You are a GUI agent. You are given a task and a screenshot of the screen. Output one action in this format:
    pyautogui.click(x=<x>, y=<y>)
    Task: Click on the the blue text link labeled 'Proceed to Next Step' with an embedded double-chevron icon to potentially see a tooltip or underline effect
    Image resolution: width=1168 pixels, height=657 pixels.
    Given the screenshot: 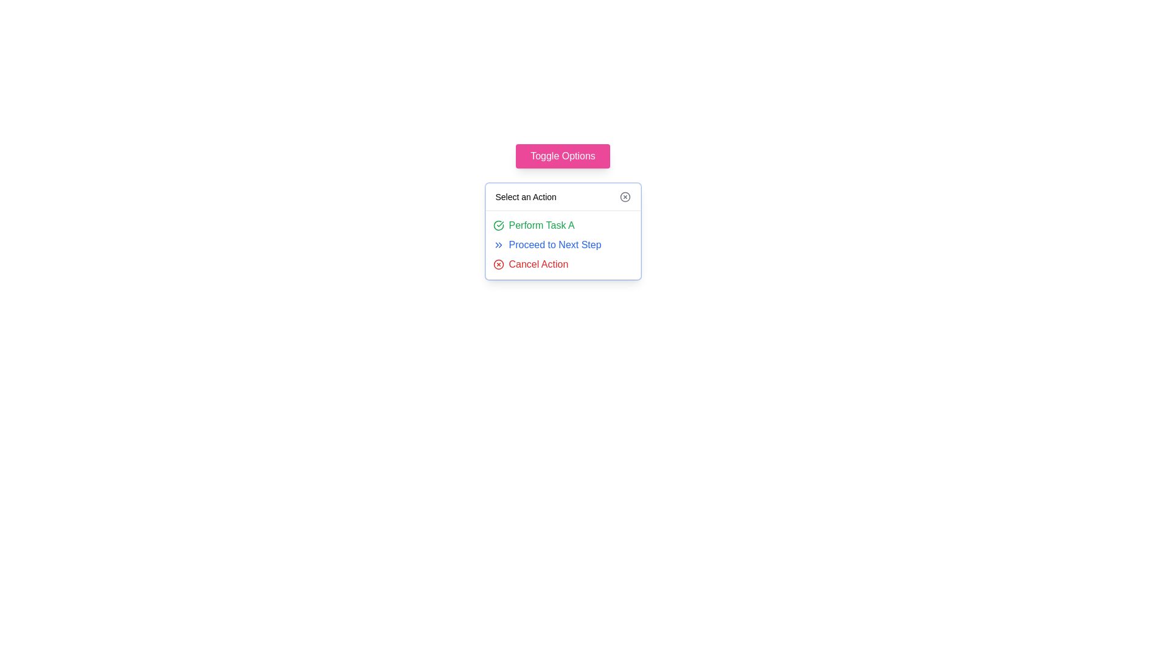 What is the action you would take?
    pyautogui.click(x=562, y=245)
    